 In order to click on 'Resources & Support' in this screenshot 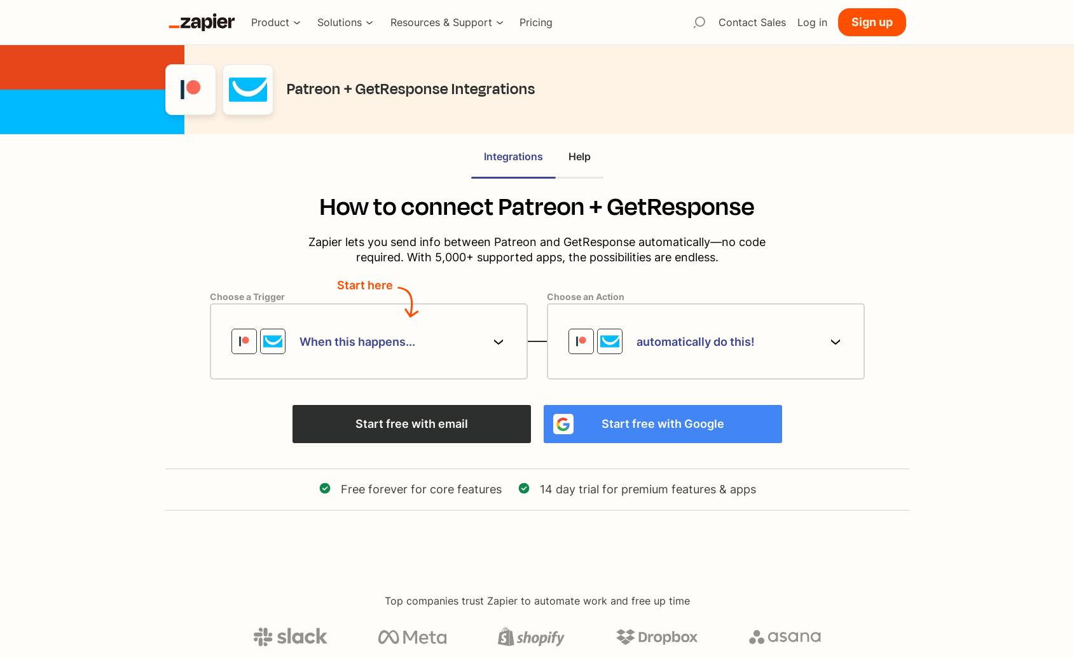, I will do `click(440, 22)`.